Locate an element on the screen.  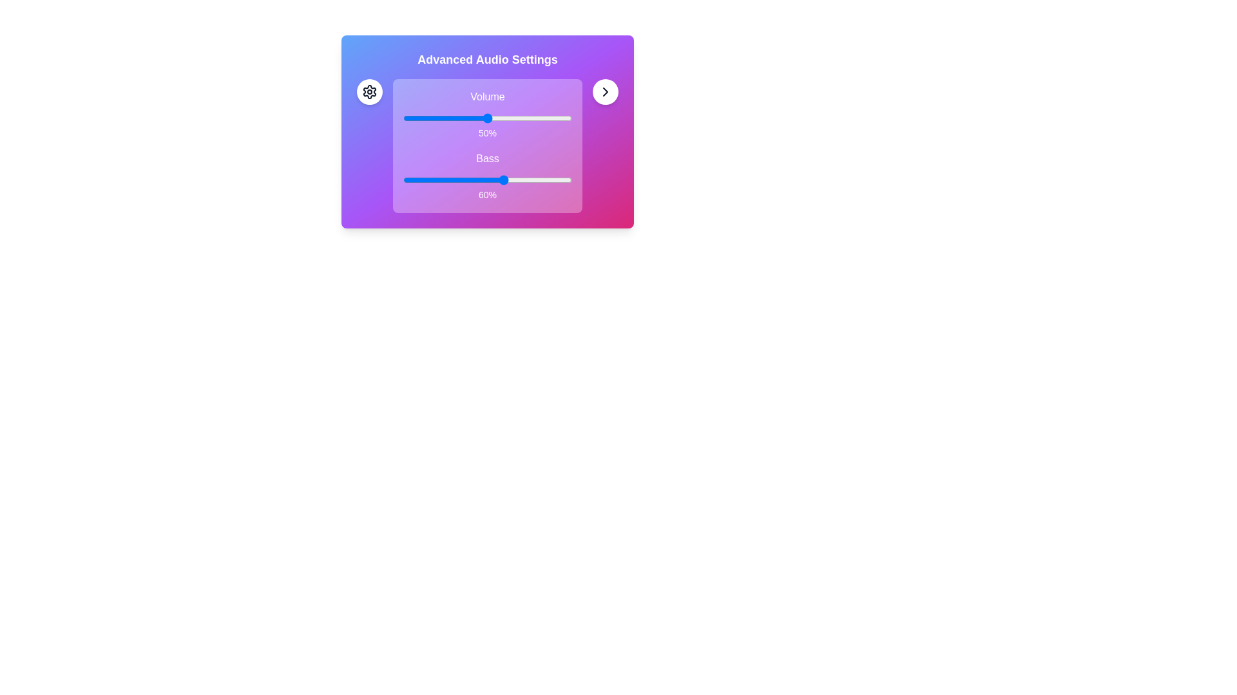
the volume slider to set the volume to 84% is located at coordinates (545, 118).